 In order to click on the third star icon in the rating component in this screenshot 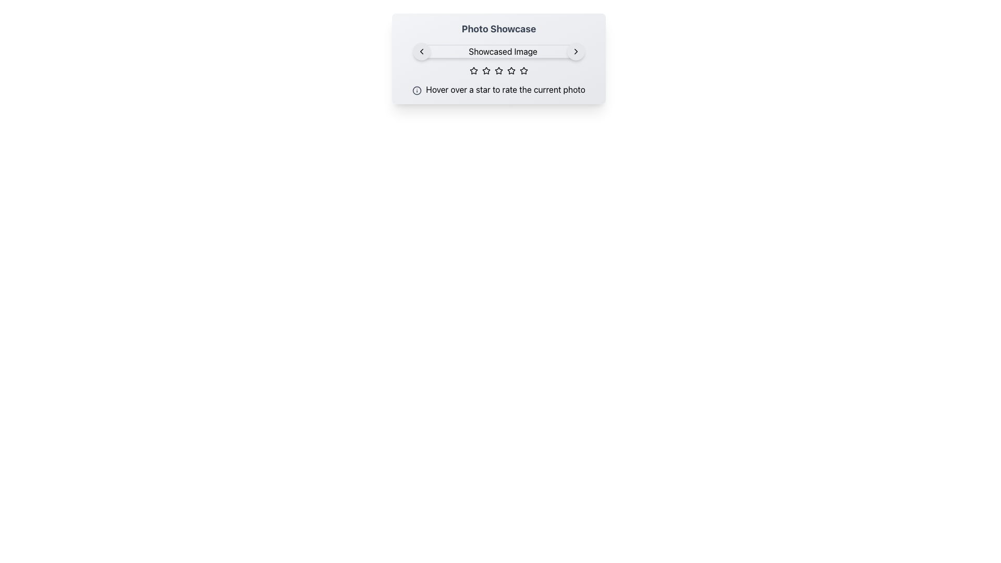, I will do `click(485, 70)`.